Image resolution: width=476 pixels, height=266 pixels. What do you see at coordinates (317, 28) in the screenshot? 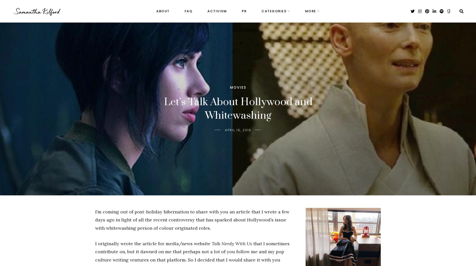
I see `'Review Policy'` at bounding box center [317, 28].